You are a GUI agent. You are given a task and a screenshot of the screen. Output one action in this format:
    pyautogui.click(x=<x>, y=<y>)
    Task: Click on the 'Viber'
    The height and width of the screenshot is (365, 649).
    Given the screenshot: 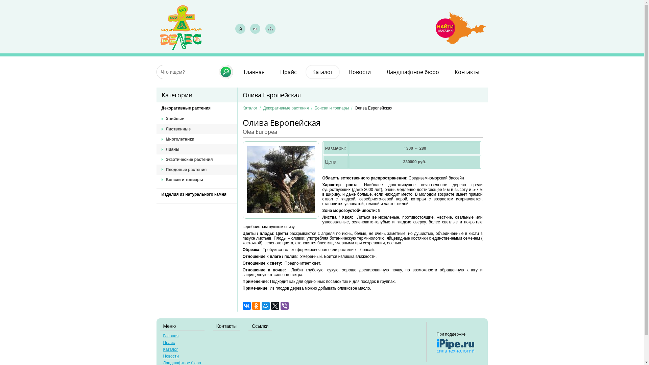 What is the action you would take?
    pyautogui.click(x=284, y=306)
    